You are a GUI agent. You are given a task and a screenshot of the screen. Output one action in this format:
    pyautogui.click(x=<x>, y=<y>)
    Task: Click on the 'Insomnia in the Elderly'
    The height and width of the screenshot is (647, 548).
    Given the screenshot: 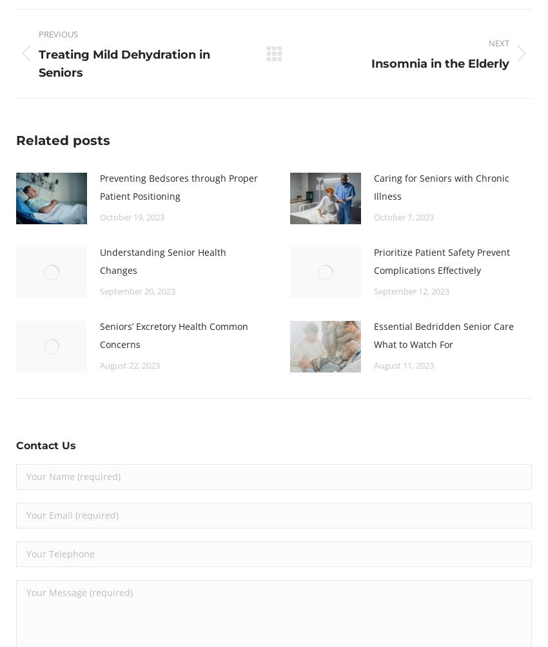 What is the action you would take?
    pyautogui.click(x=439, y=63)
    